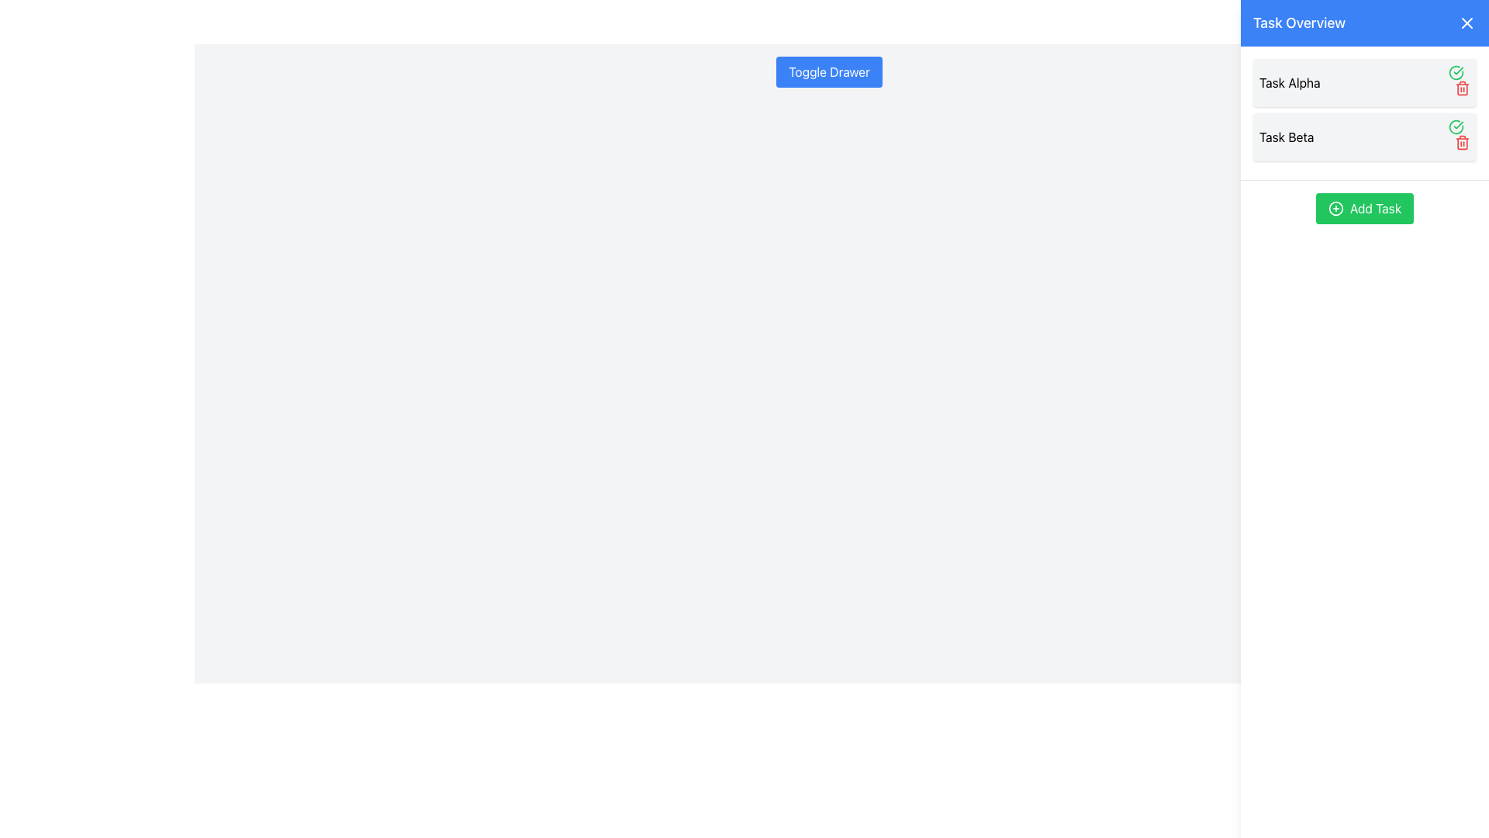  Describe the element at coordinates (1290, 83) in the screenshot. I see `the text label displaying 'Task Alpha' in black, which is the first item in the vertically arranged list under the 'Task Overview' header` at that location.